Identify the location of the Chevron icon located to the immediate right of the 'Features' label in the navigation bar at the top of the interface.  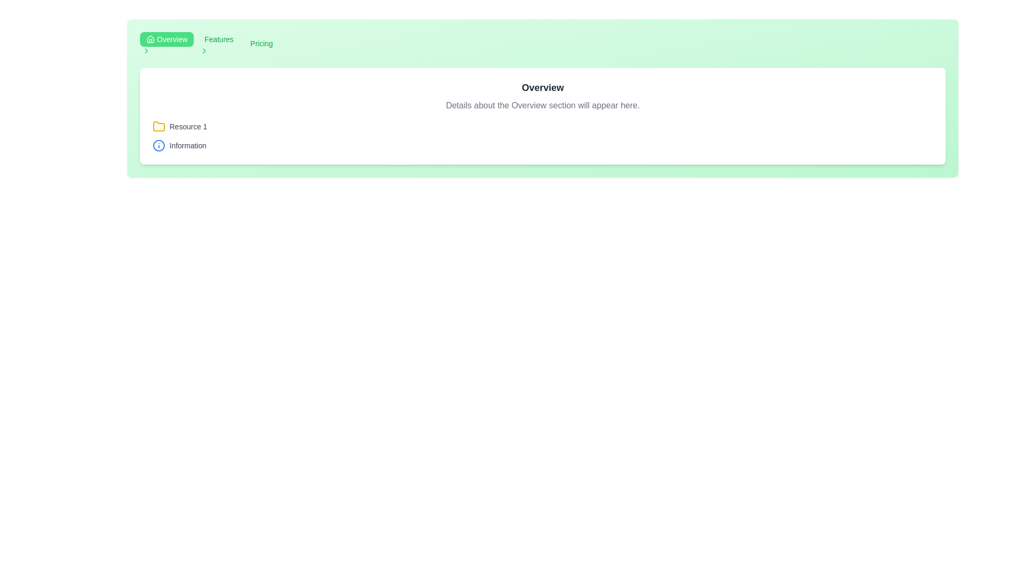
(204, 50).